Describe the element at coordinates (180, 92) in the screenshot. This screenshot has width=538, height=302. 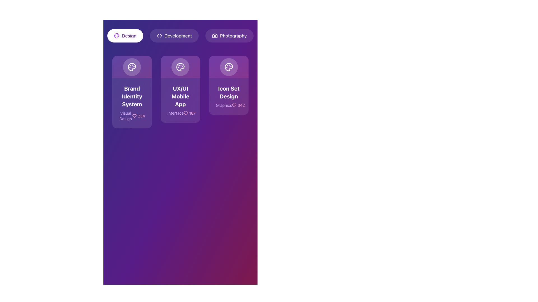
I see `the card labeled 'UX/UI Mobile App' which is the second card in a grid of three` at that location.